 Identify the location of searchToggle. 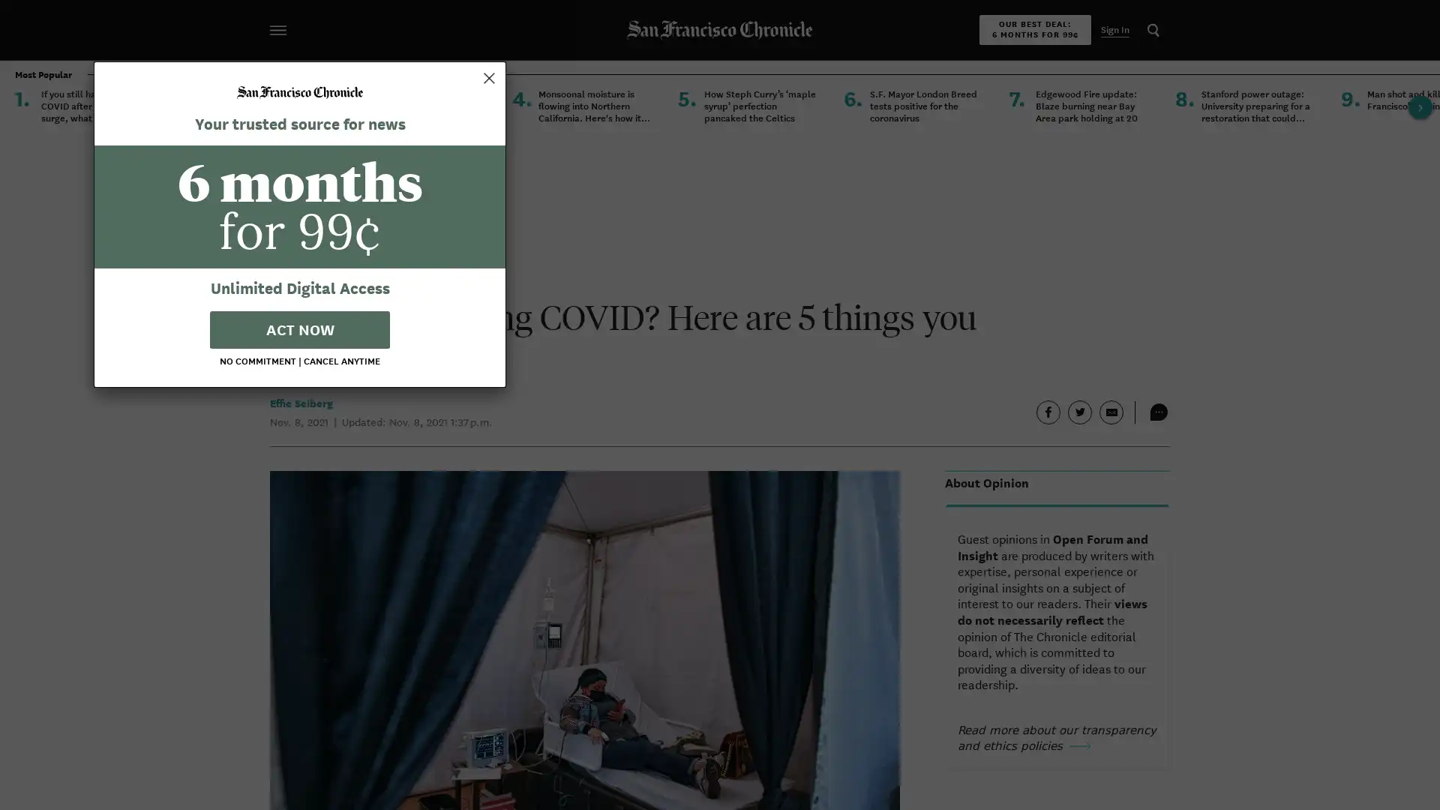
(1152, 29).